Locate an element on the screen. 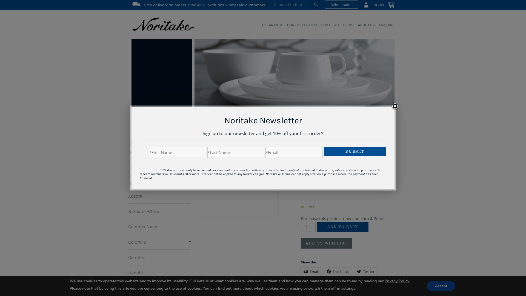 The image size is (526, 296). 'Submit' is located at coordinates (355, 151).